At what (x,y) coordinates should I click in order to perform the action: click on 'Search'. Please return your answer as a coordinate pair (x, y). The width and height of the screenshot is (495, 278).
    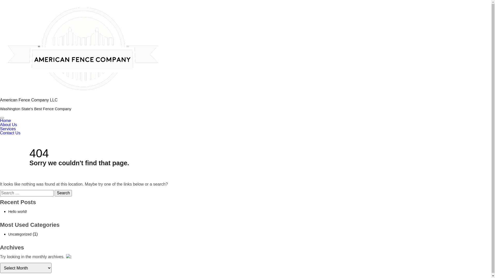
    Looking at the image, I should click on (63, 193).